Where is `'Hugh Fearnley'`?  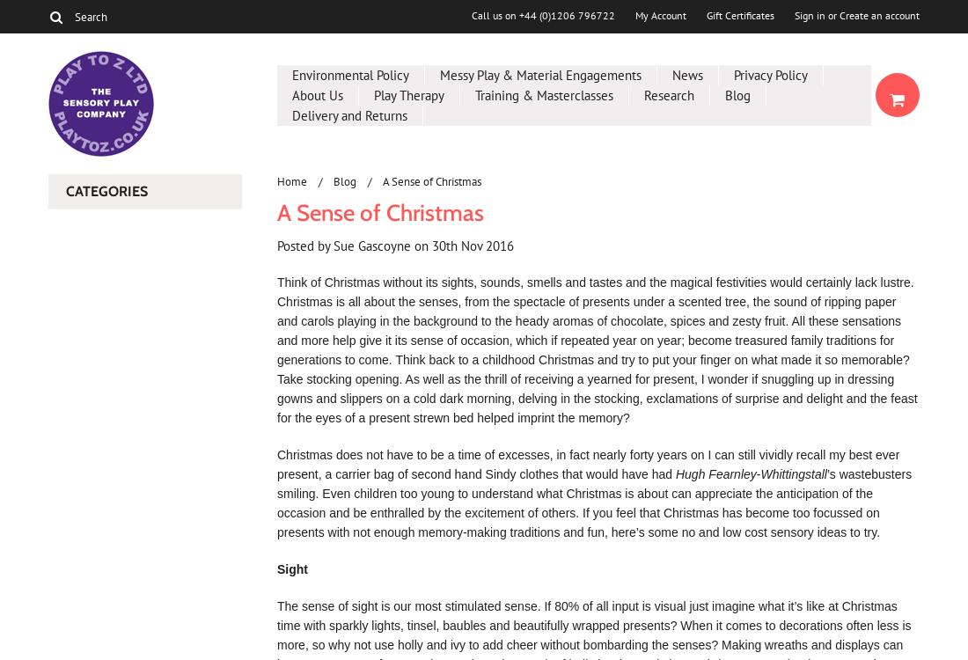
'Hugh Fearnley' is located at coordinates (715, 474).